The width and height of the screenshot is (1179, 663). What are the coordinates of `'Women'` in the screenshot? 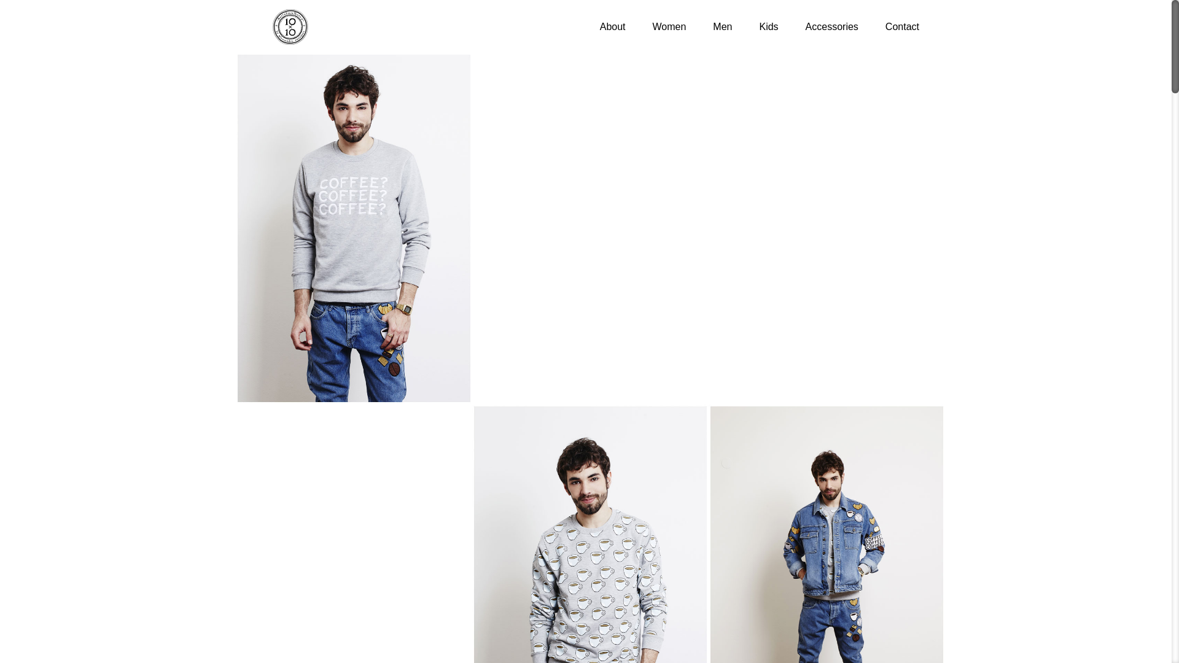 It's located at (669, 26).